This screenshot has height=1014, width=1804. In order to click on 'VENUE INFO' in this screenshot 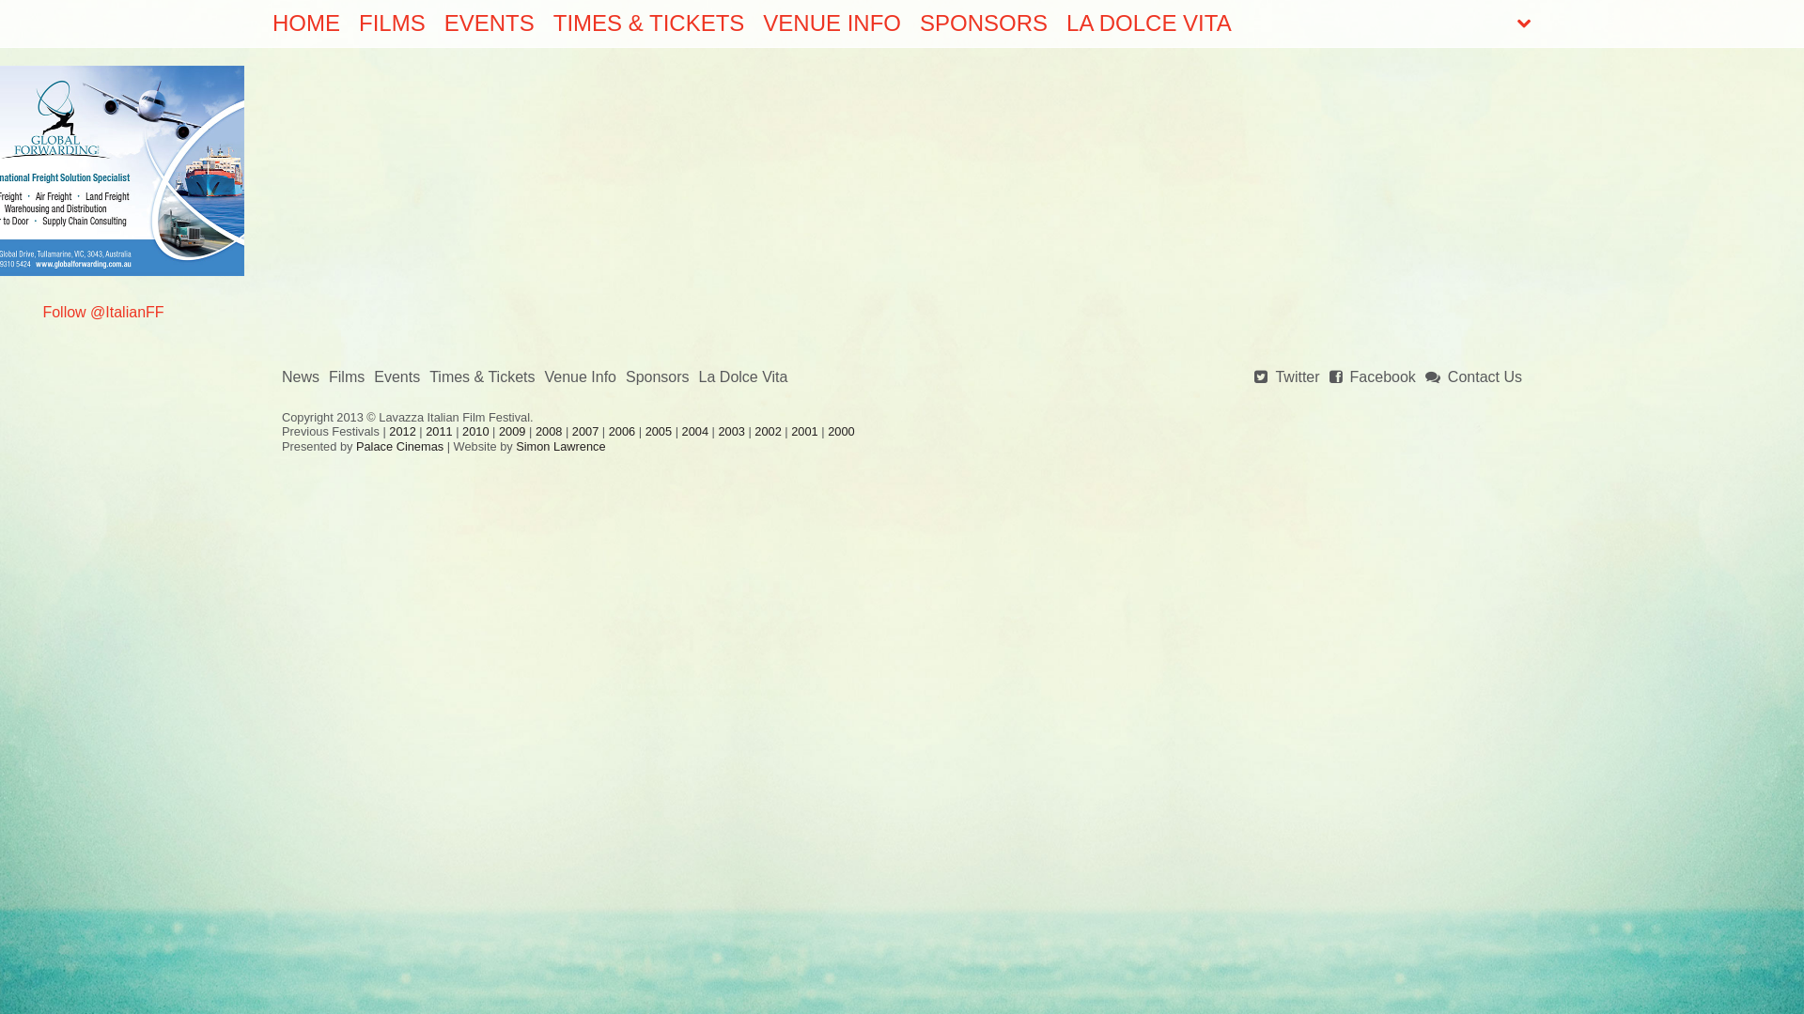, I will do `click(831, 23)`.